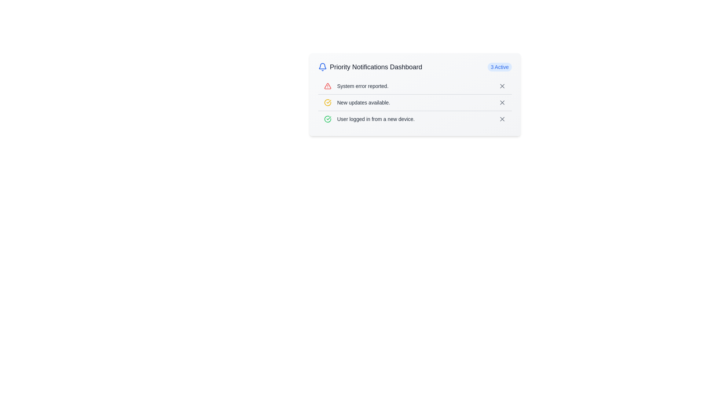 This screenshot has height=396, width=704. What do you see at coordinates (502, 86) in the screenshot?
I see `the small white cross icon button in the top-right corner of the 'System error reported.' notification` at bounding box center [502, 86].